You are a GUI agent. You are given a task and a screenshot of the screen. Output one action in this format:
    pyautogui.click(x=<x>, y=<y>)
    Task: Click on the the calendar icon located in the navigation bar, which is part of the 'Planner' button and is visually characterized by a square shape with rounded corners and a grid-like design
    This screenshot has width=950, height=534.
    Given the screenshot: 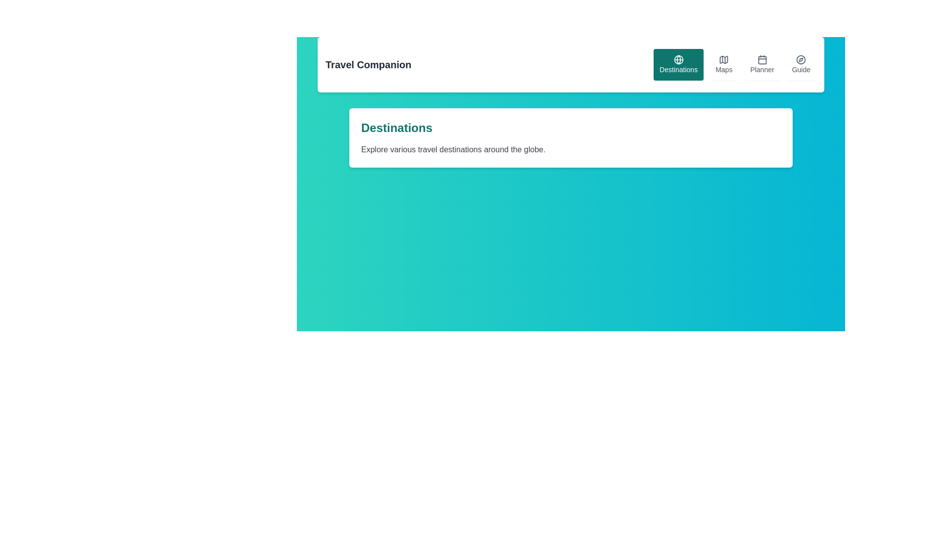 What is the action you would take?
    pyautogui.click(x=761, y=59)
    